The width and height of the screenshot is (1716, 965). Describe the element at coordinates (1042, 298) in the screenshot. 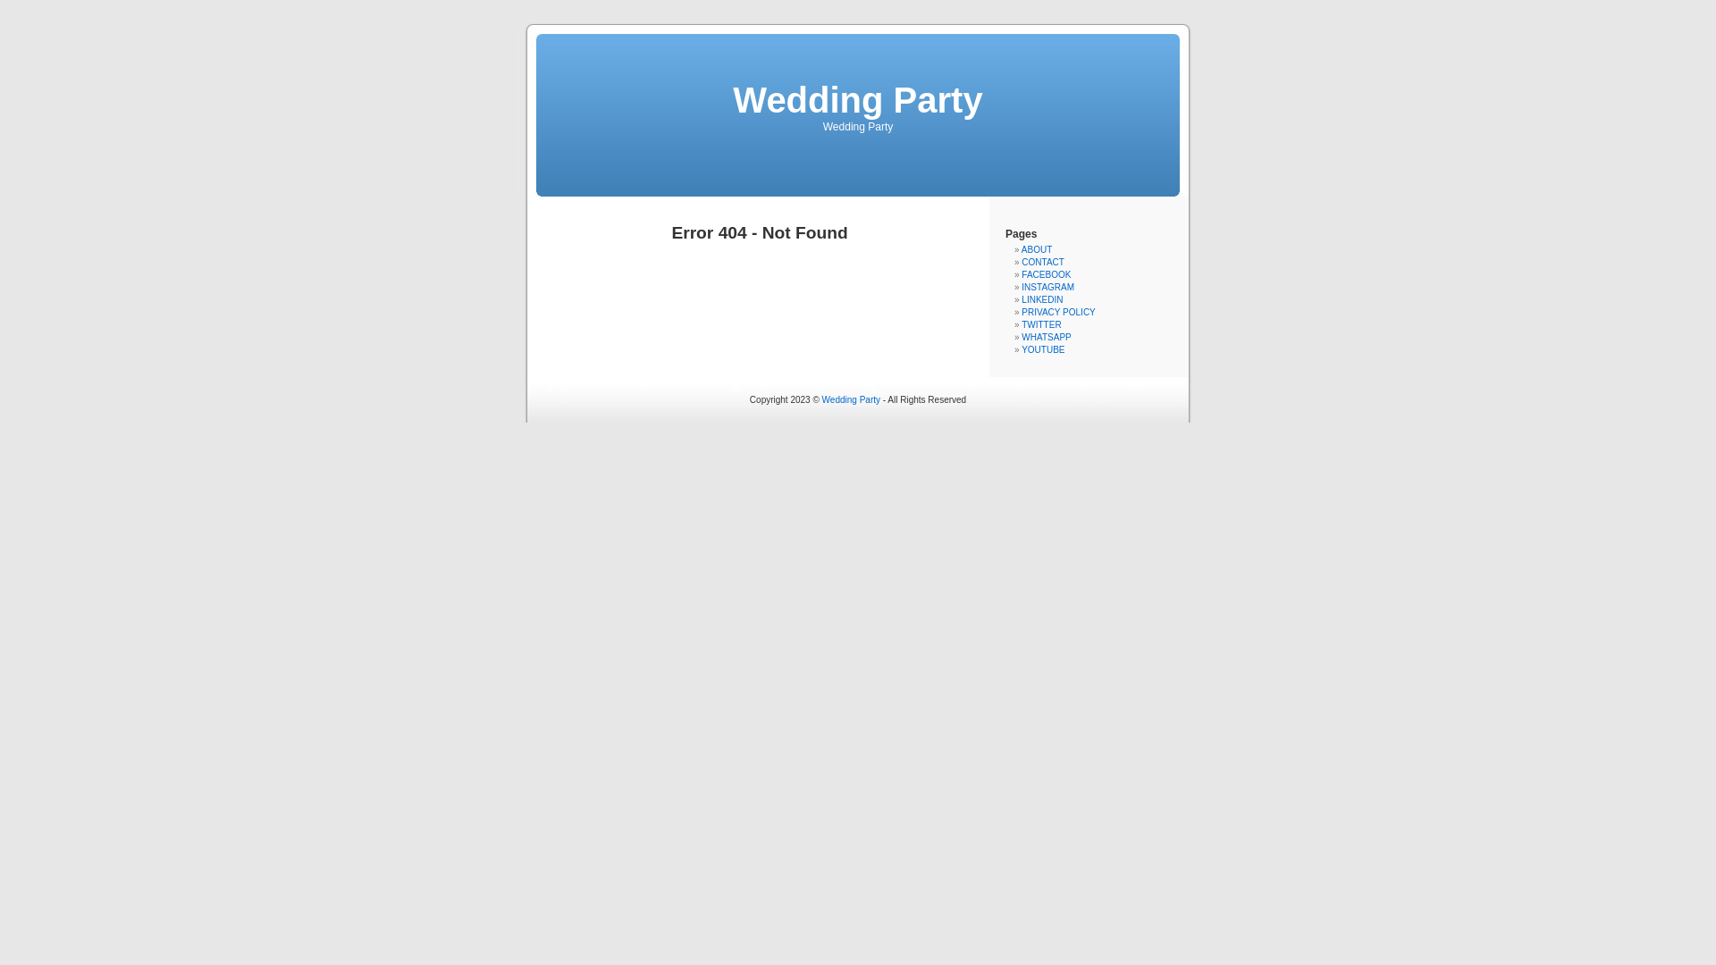

I see `'LINKEDIN'` at that location.